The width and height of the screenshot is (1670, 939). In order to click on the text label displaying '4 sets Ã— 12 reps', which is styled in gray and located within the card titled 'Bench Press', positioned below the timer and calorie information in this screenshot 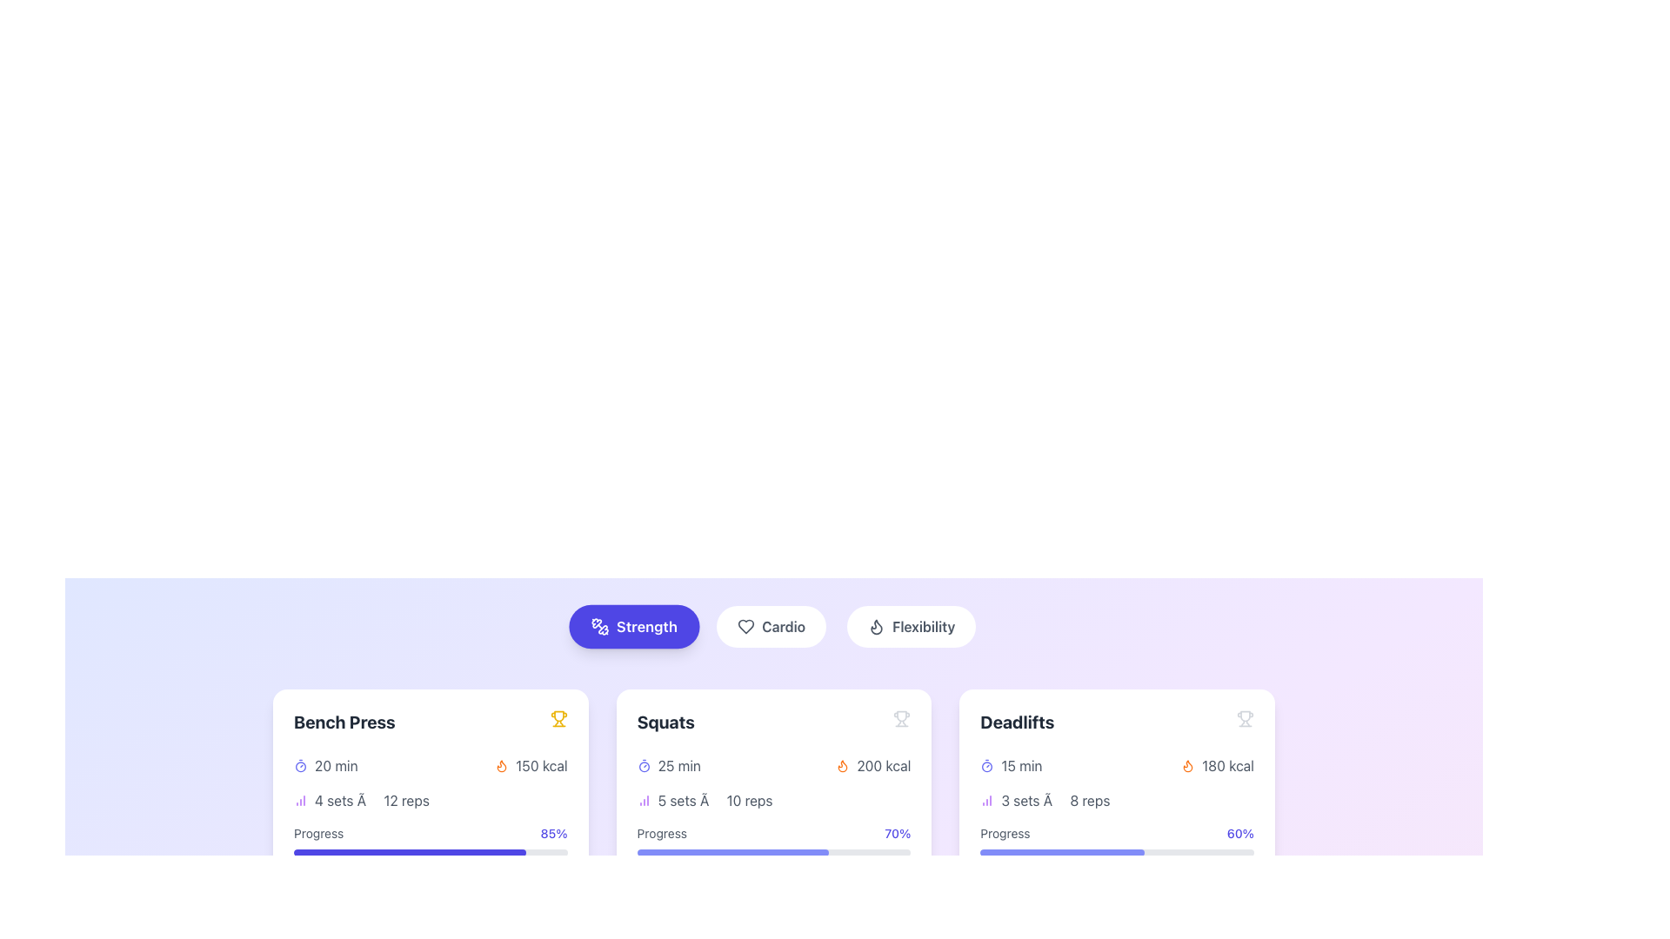, I will do `click(371, 801)`.